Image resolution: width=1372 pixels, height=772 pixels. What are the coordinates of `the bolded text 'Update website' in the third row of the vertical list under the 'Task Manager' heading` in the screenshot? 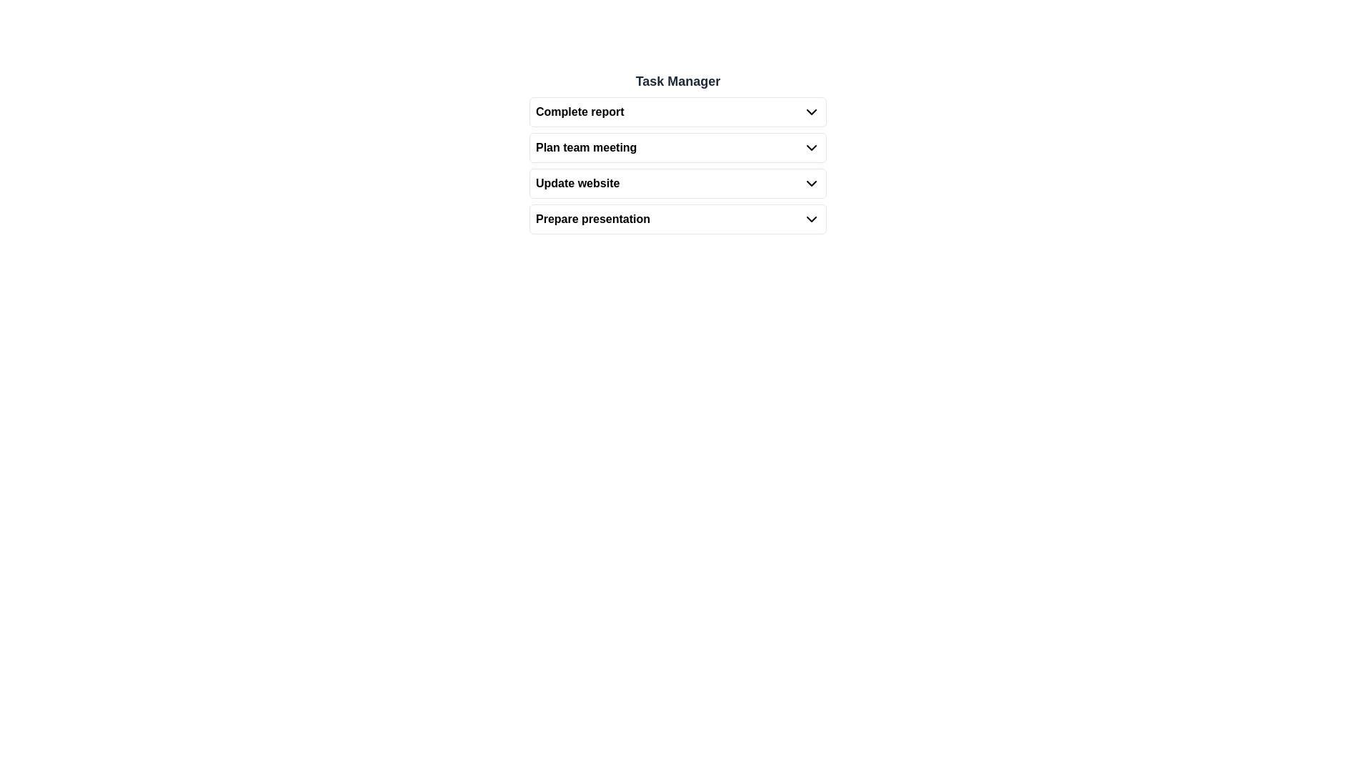 It's located at (577, 183).